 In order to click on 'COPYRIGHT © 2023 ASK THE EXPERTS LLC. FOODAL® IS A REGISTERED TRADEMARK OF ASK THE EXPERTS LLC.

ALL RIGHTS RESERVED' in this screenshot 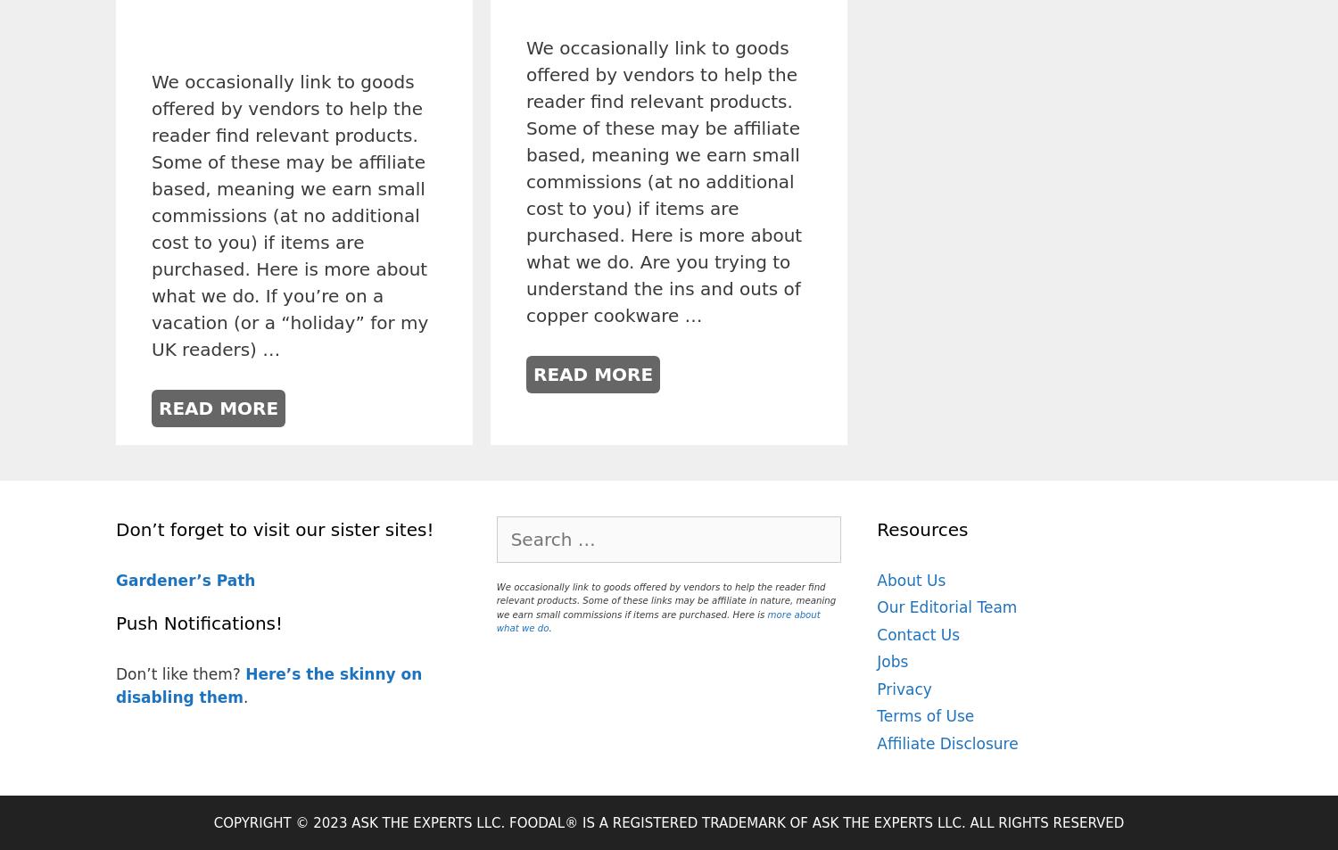, I will do `click(667, 822)`.